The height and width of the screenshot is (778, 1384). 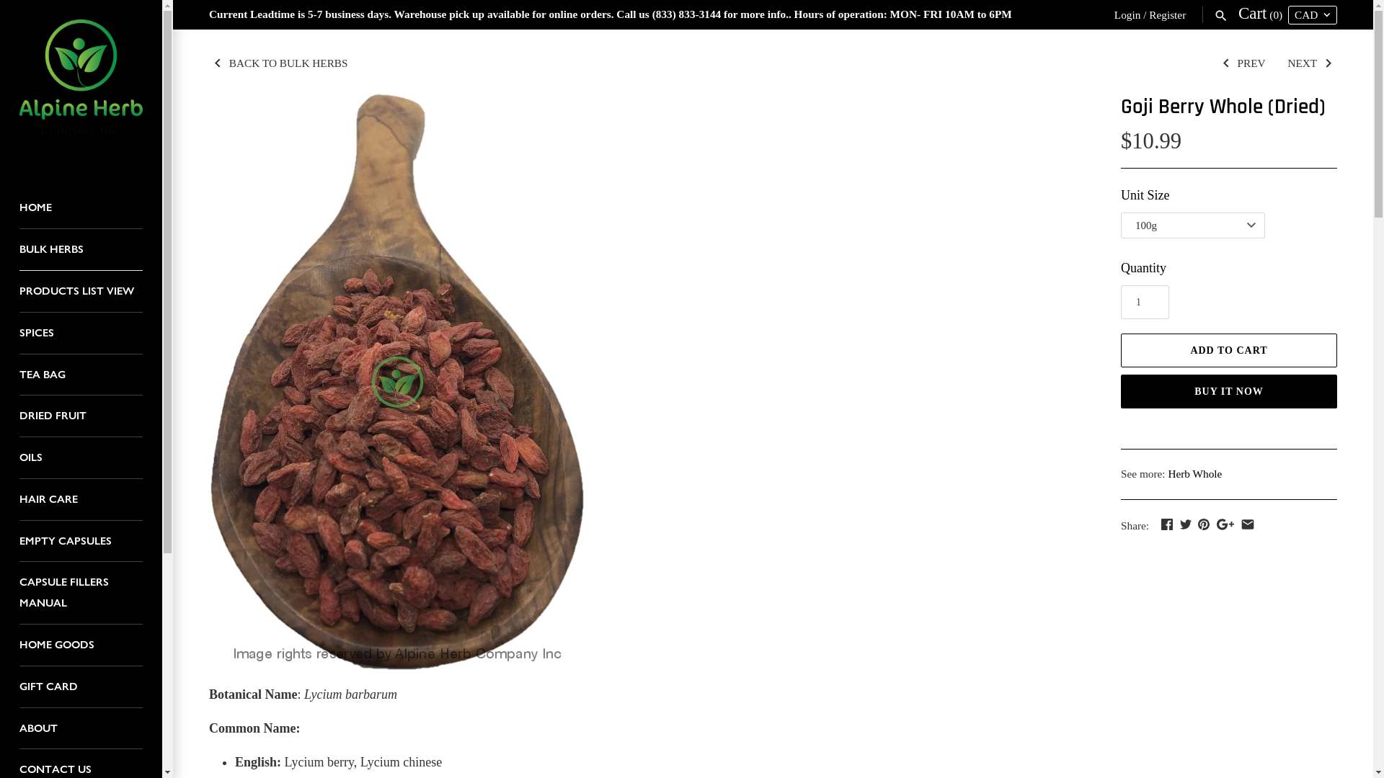 What do you see at coordinates (80, 458) in the screenshot?
I see `'OILS'` at bounding box center [80, 458].